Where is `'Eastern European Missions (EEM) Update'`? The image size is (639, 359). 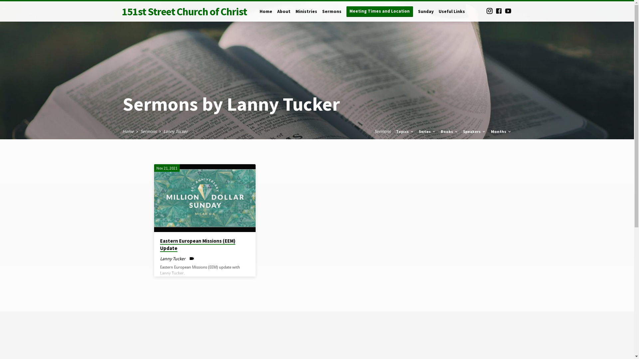
'Eastern European Missions (EEM) Update' is located at coordinates (197, 245).